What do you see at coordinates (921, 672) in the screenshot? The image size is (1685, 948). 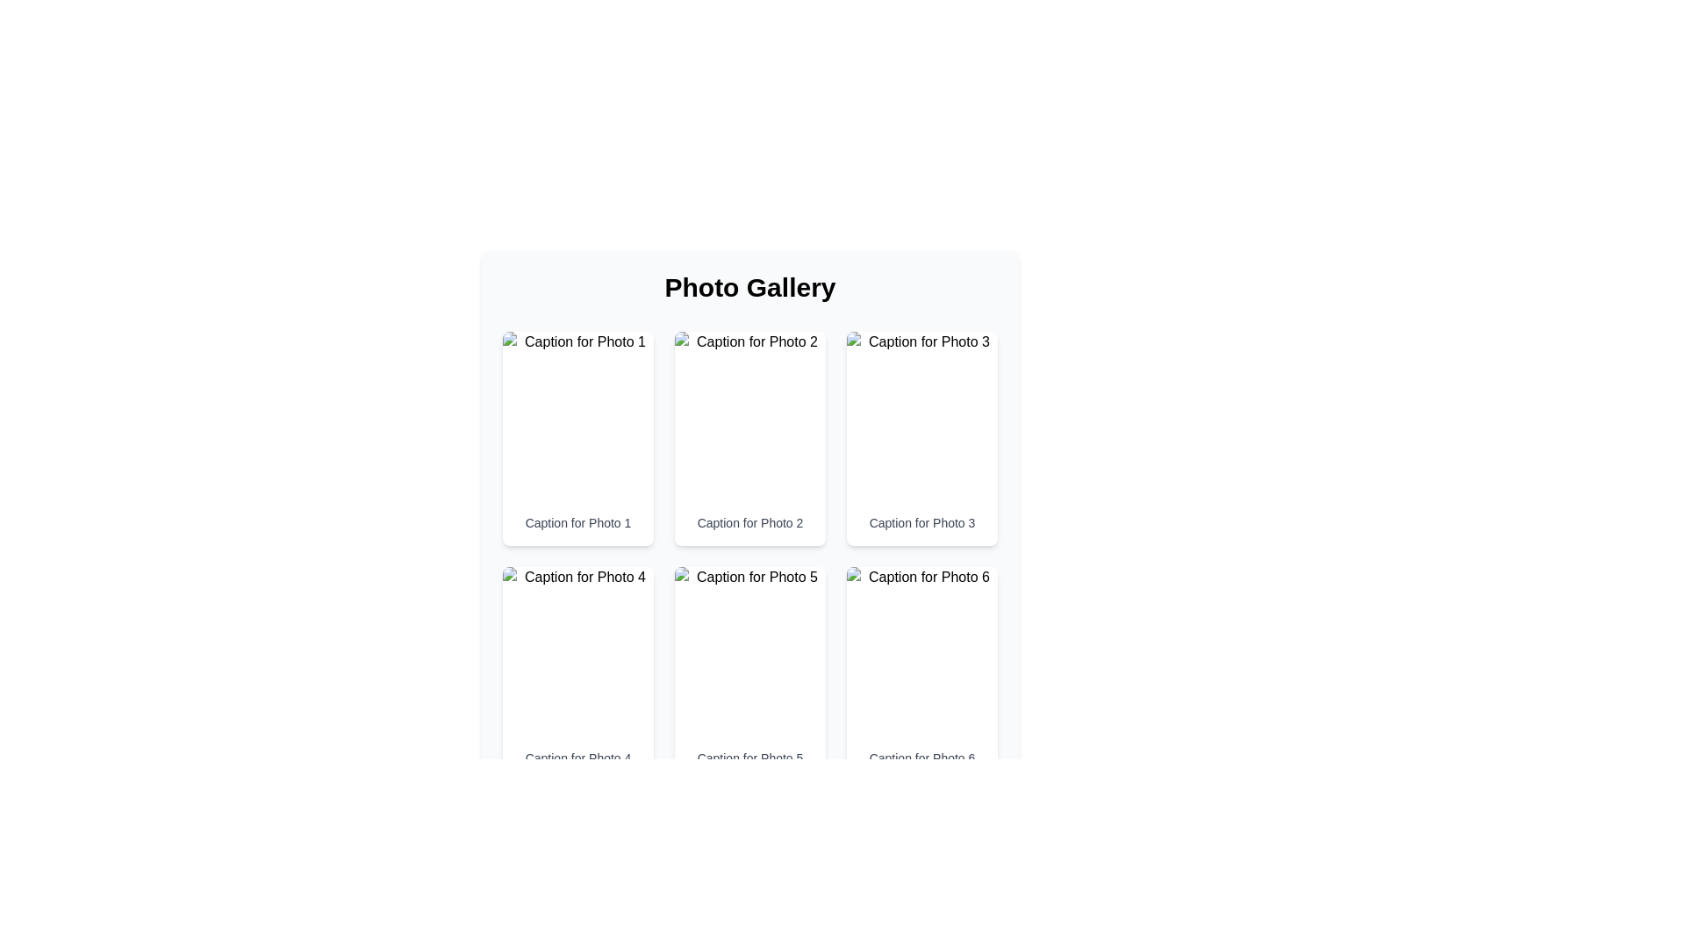 I see `the sixth card in the grid, which contains an image labeled 'Photo6' and a caption 'Caption for Photo 6', positioned in the third column and second row` at bounding box center [921, 672].